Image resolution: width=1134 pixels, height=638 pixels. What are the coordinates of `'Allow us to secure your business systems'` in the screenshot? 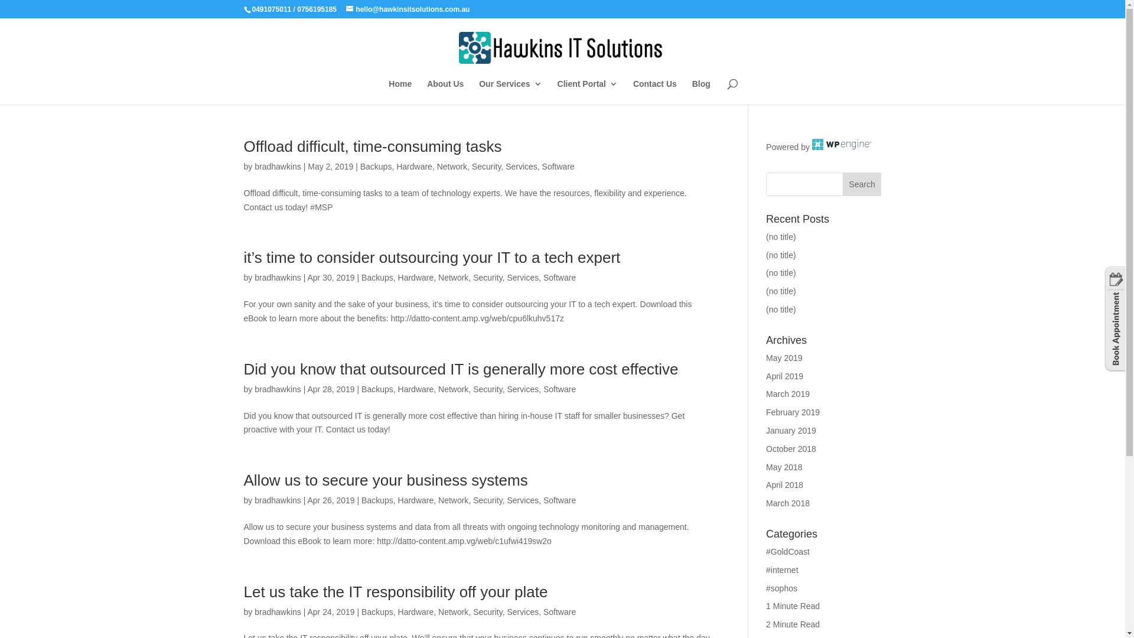 It's located at (385, 480).